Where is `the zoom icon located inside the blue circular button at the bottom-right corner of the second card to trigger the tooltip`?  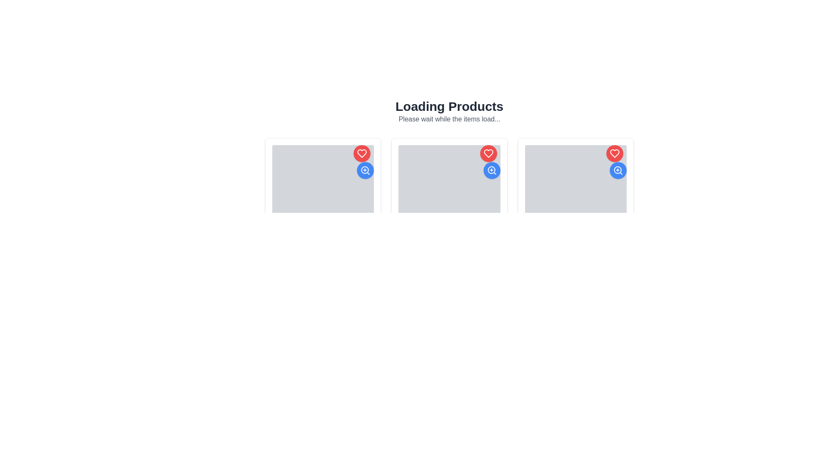
the zoom icon located inside the blue circular button at the bottom-right corner of the second card to trigger the tooltip is located at coordinates (618, 170).